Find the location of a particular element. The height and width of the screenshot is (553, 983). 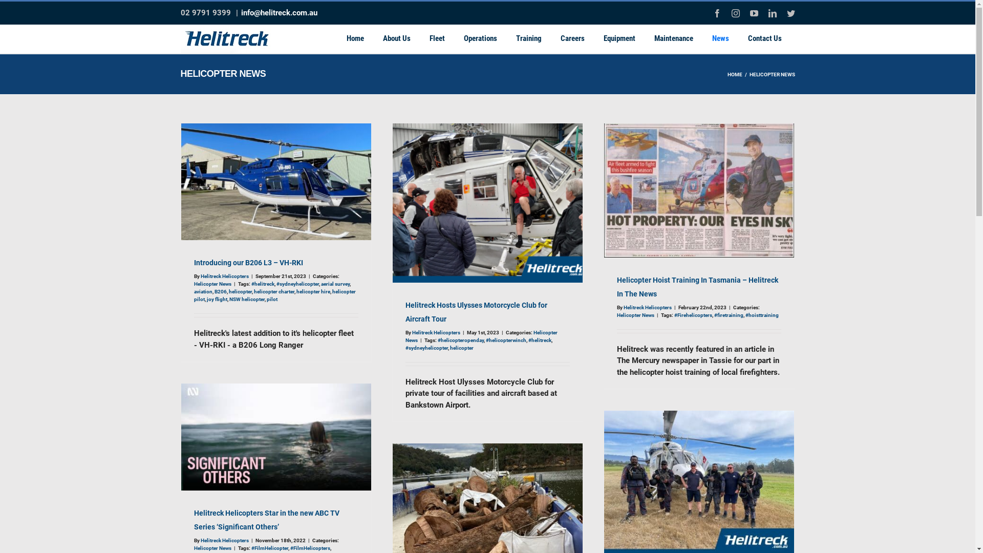

'Careers' is located at coordinates (572, 38).